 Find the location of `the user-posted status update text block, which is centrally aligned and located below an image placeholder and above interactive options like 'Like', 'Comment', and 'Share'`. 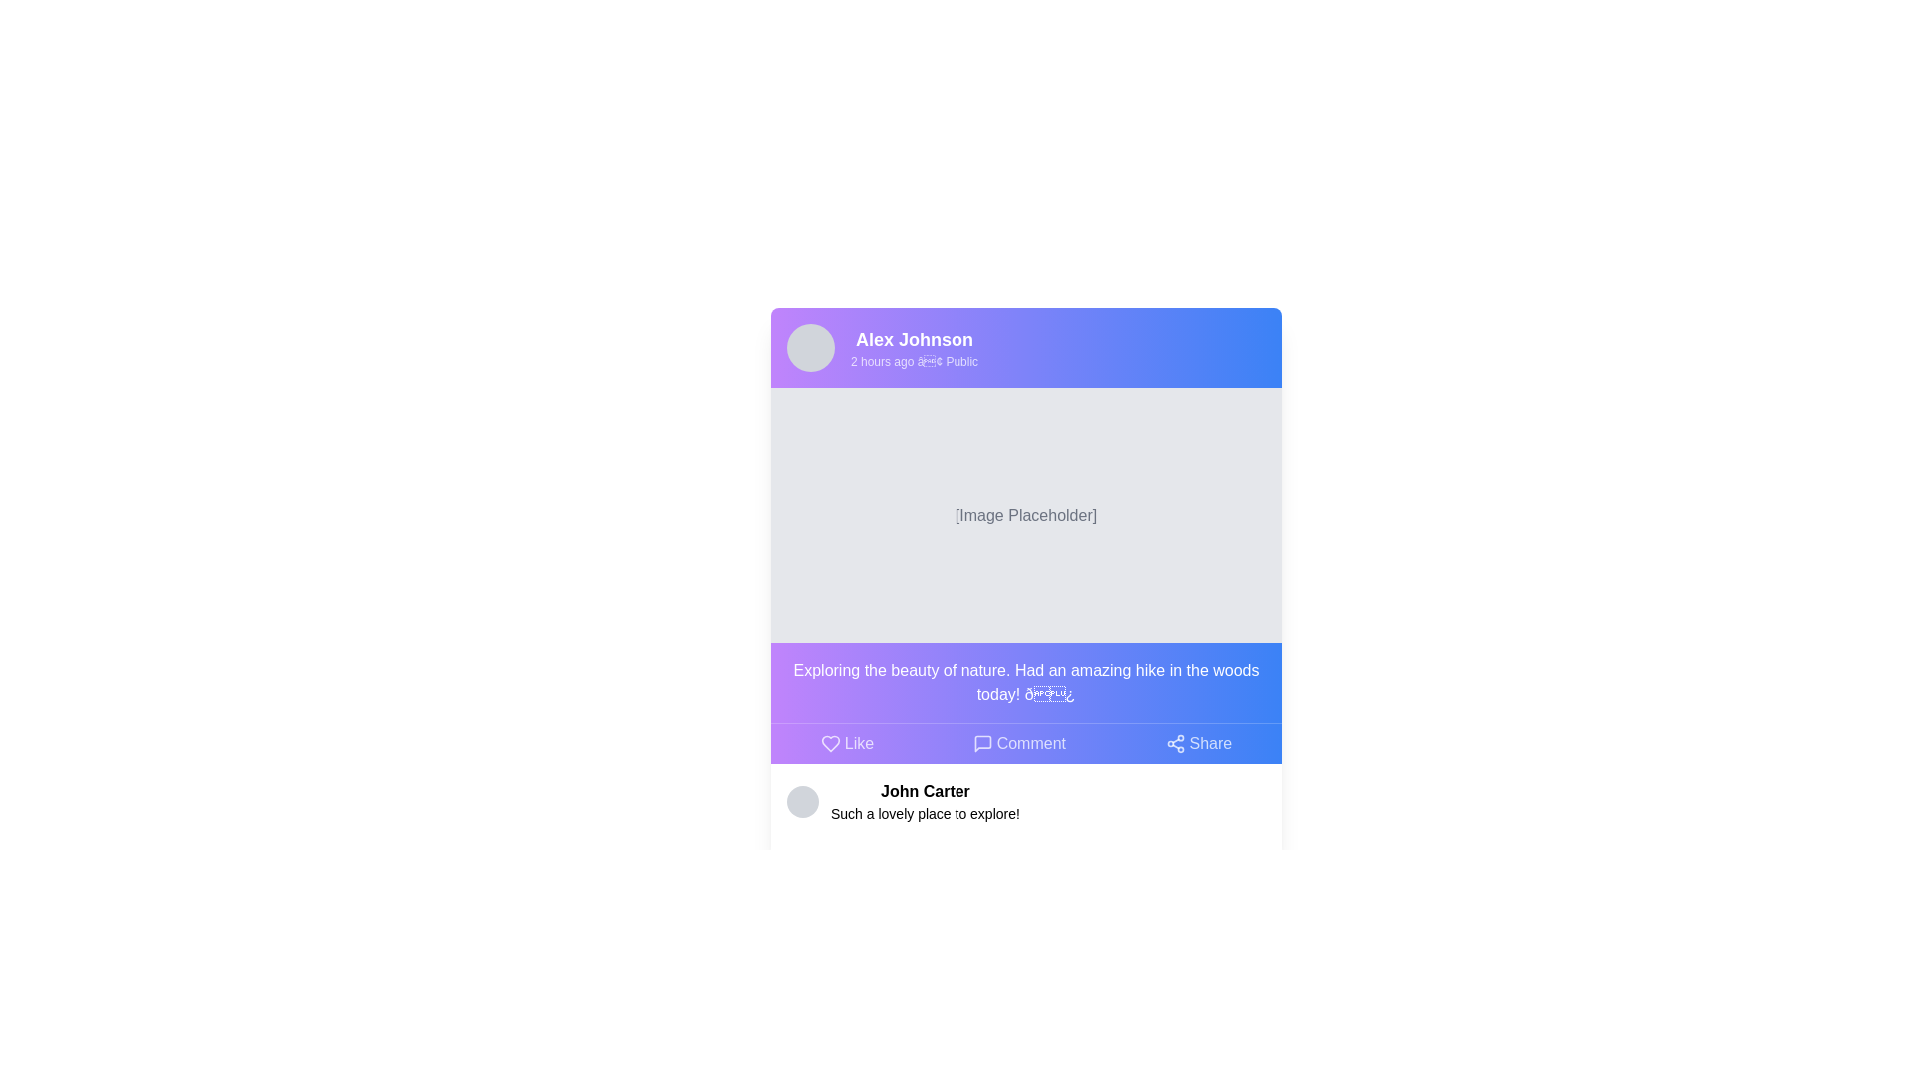

the user-posted status update text block, which is centrally aligned and located below an image placeholder and above interactive options like 'Like', 'Comment', and 'Share' is located at coordinates (1025, 682).